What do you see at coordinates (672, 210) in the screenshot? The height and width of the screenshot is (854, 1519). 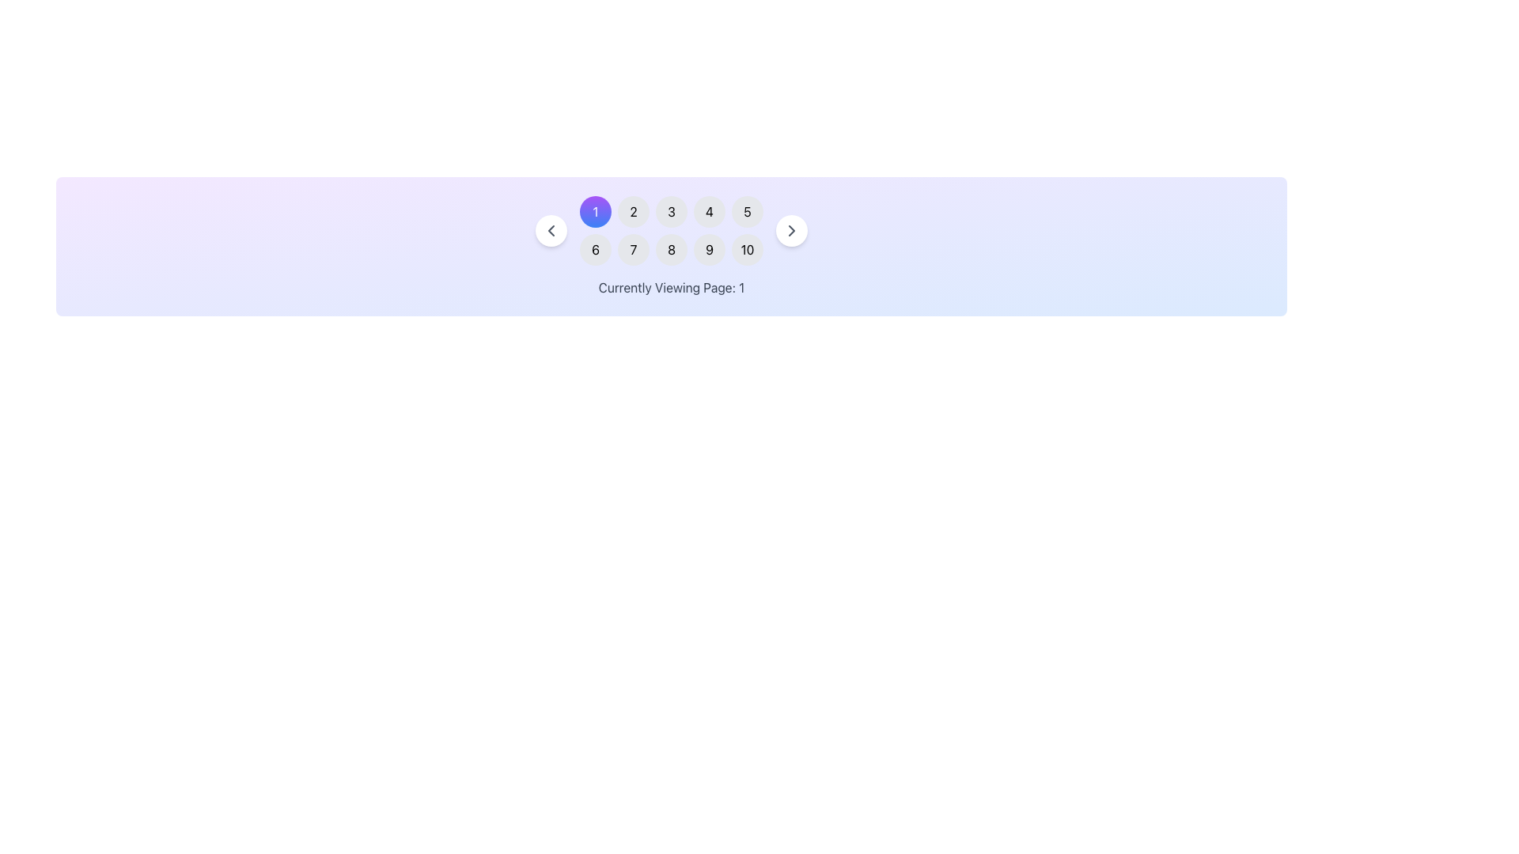 I see `the inactive Number button representing page 3 in the pagination interface, located in the first row and third column between buttons '2' and '4'` at bounding box center [672, 210].